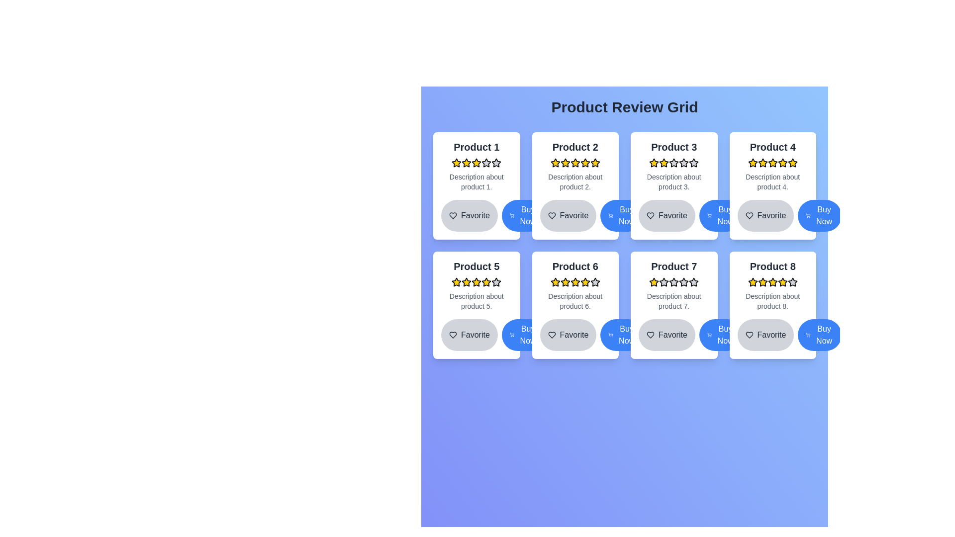 This screenshot has width=955, height=537. Describe the element at coordinates (772, 162) in the screenshot. I see `the row of star icons representing a rating component located centrally in the 'Product 4' card, which has five yellow stars with the third star marked distinctly` at that location.